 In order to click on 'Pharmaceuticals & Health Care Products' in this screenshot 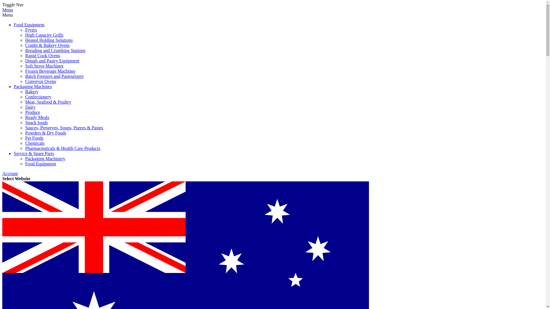, I will do `click(63, 148)`.